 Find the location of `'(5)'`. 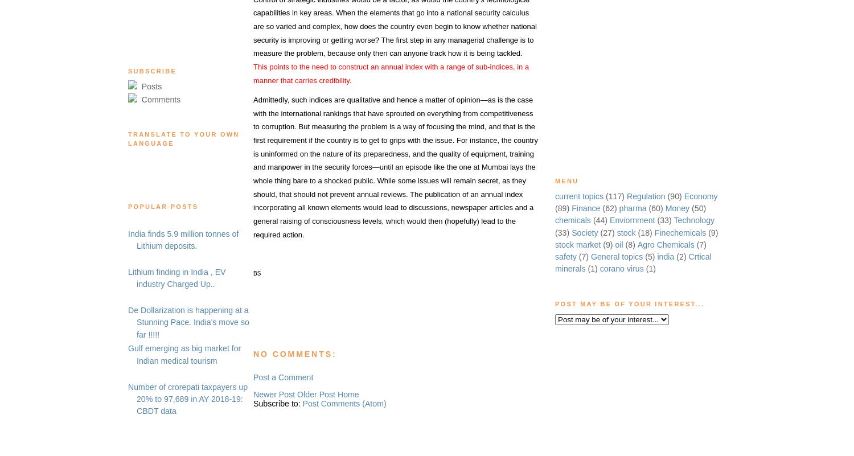

'(5)' is located at coordinates (644, 256).